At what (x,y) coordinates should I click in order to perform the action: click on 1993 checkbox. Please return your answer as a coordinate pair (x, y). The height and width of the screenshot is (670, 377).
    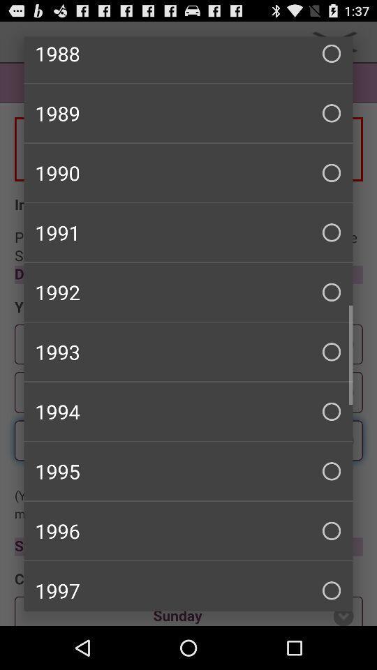
    Looking at the image, I should click on (188, 351).